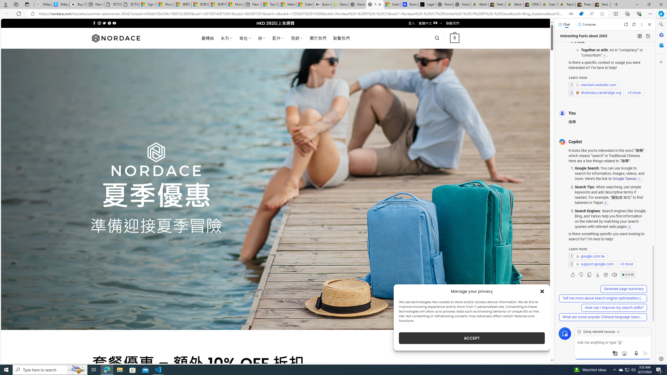 The height and width of the screenshot is (375, 667). What do you see at coordinates (454, 38) in the screenshot?
I see `' 0 '` at bounding box center [454, 38].